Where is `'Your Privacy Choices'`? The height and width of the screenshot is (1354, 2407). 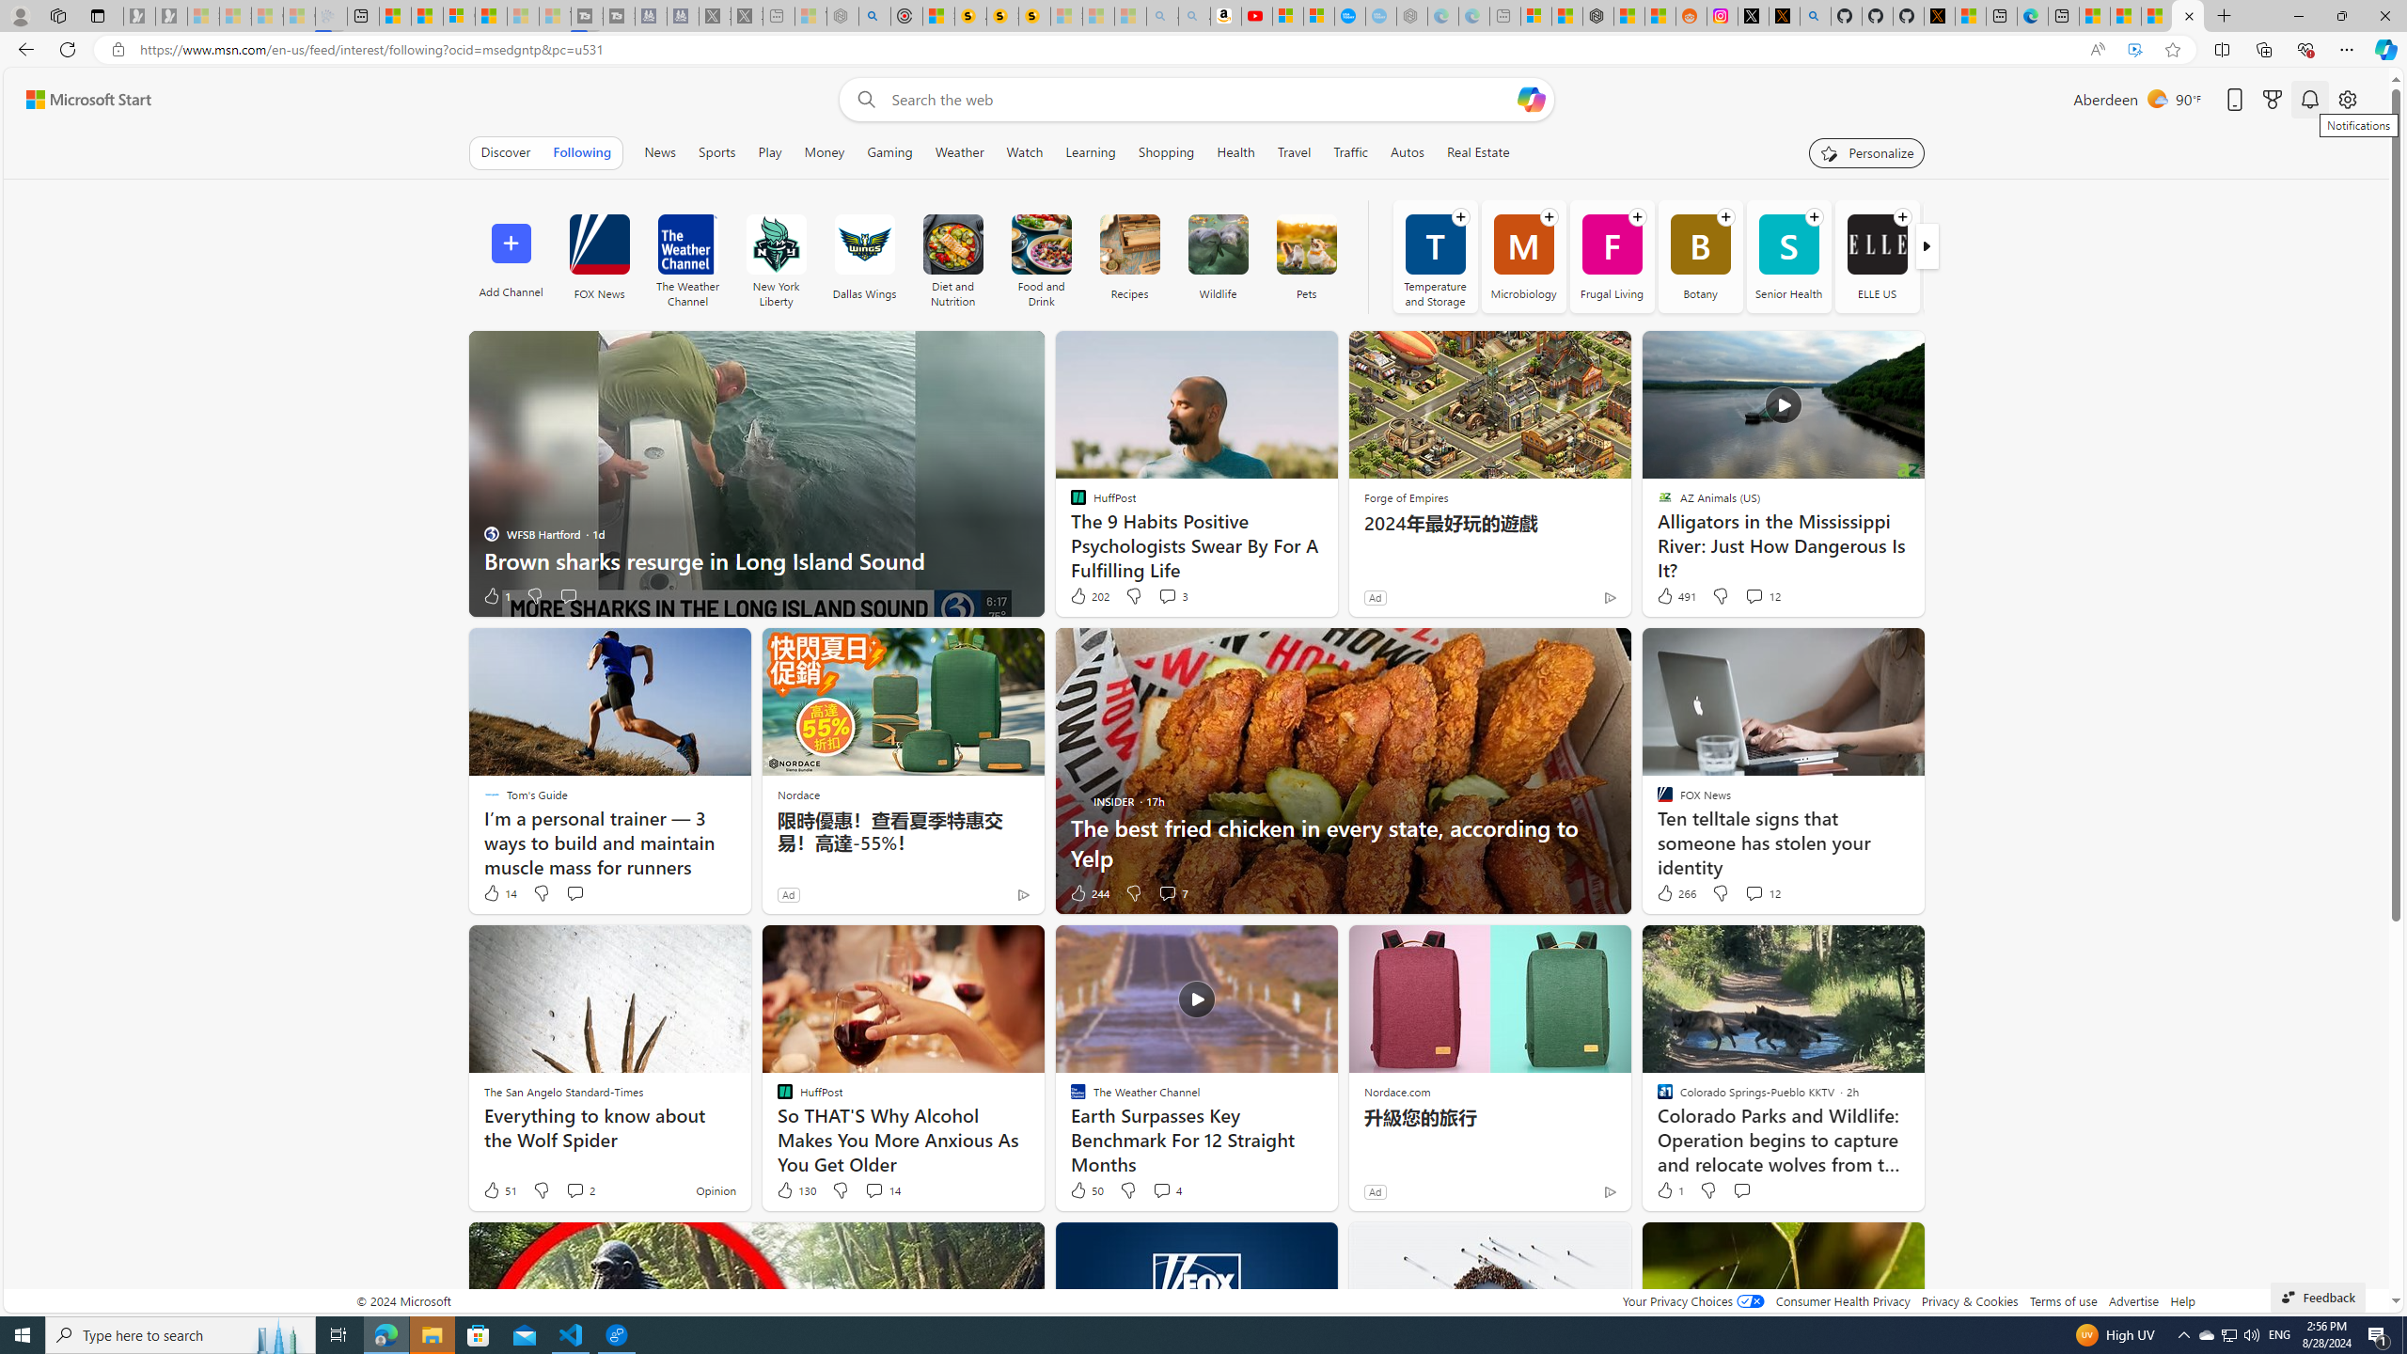
'Your Privacy Choices' is located at coordinates (1691, 1299).